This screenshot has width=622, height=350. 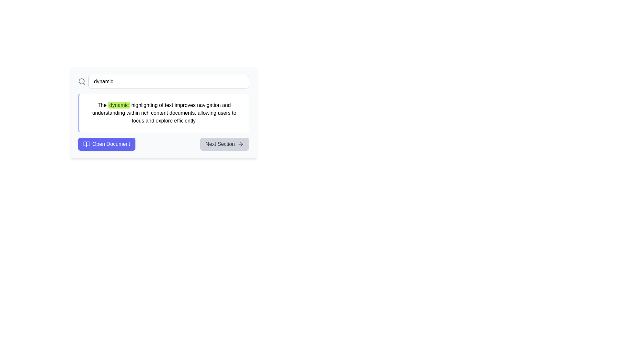 I want to click on the open book icon integrated into the 'Open Document' button, which is white against a blue background and located in the bottom-left section of the modal, so click(x=86, y=144).